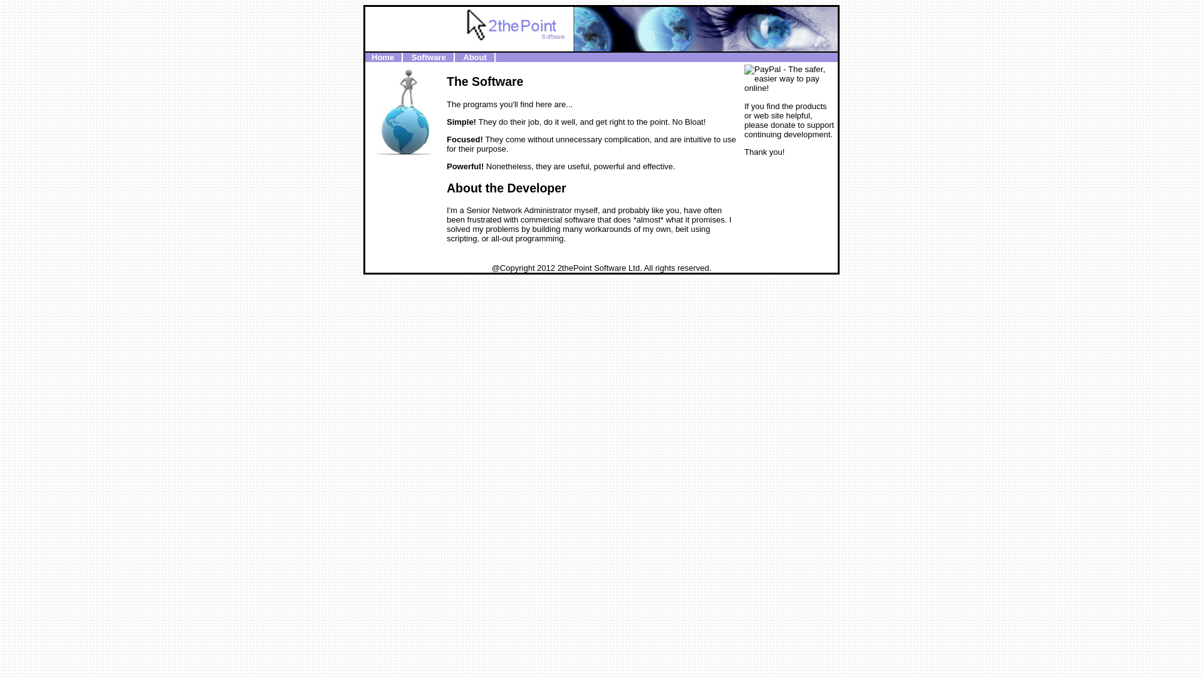 The height and width of the screenshot is (677, 1203). Describe the element at coordinates (429, 57) in the screenshot. I see `'Software'` at that location.